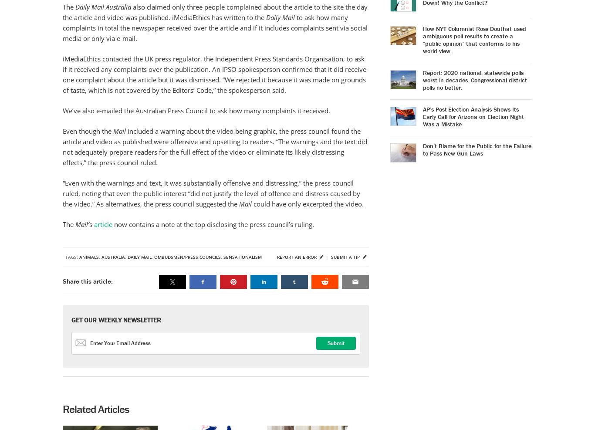 The height and width of the screenshot is (430, 595). I want to click on 'Mail’', so click(82, 224).